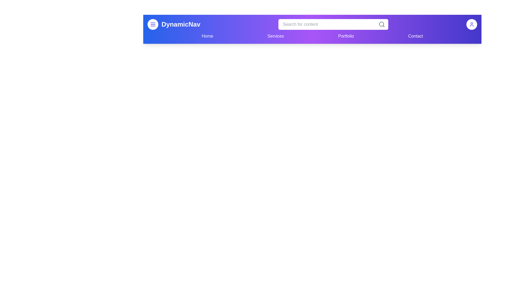 This screenshot has height=290, width=517. I want to click on the menu toggle button to toggle the navigation menu visibility, so click(152, 24).